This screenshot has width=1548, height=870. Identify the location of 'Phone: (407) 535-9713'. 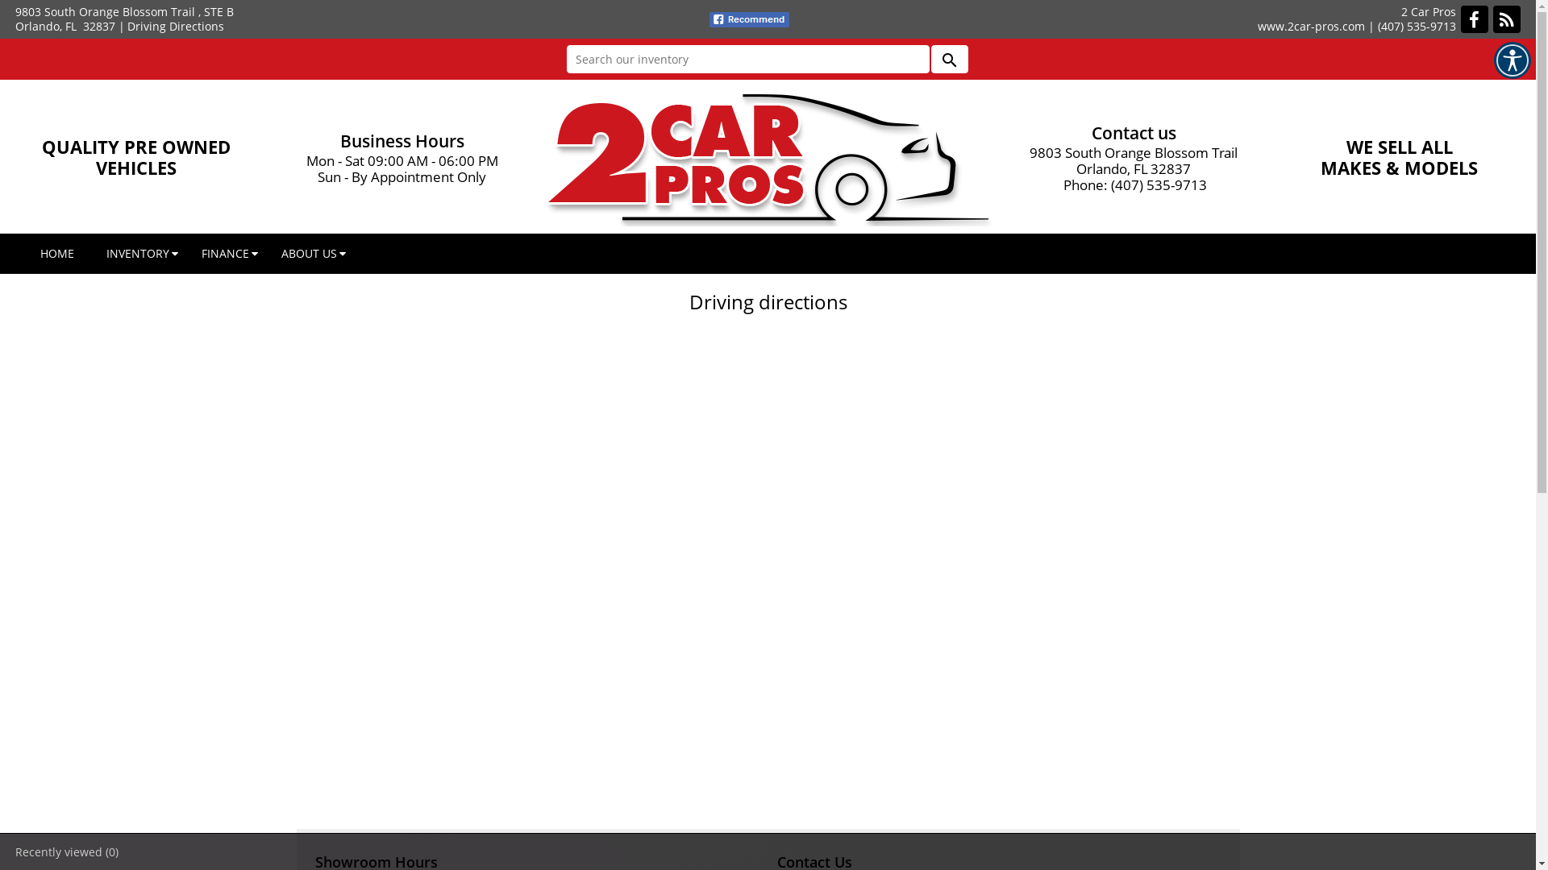
(1133, 184).